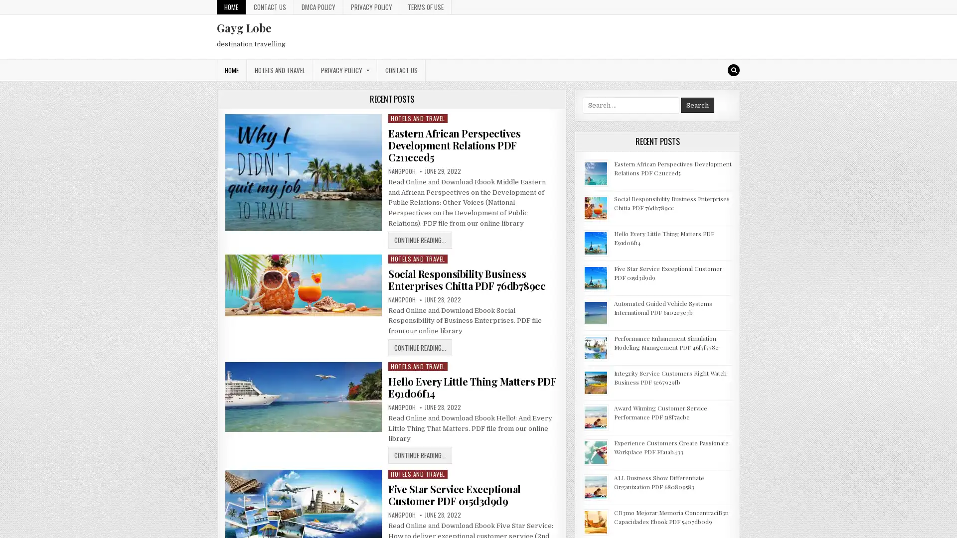  I want to click on Search, so click(697, 105).